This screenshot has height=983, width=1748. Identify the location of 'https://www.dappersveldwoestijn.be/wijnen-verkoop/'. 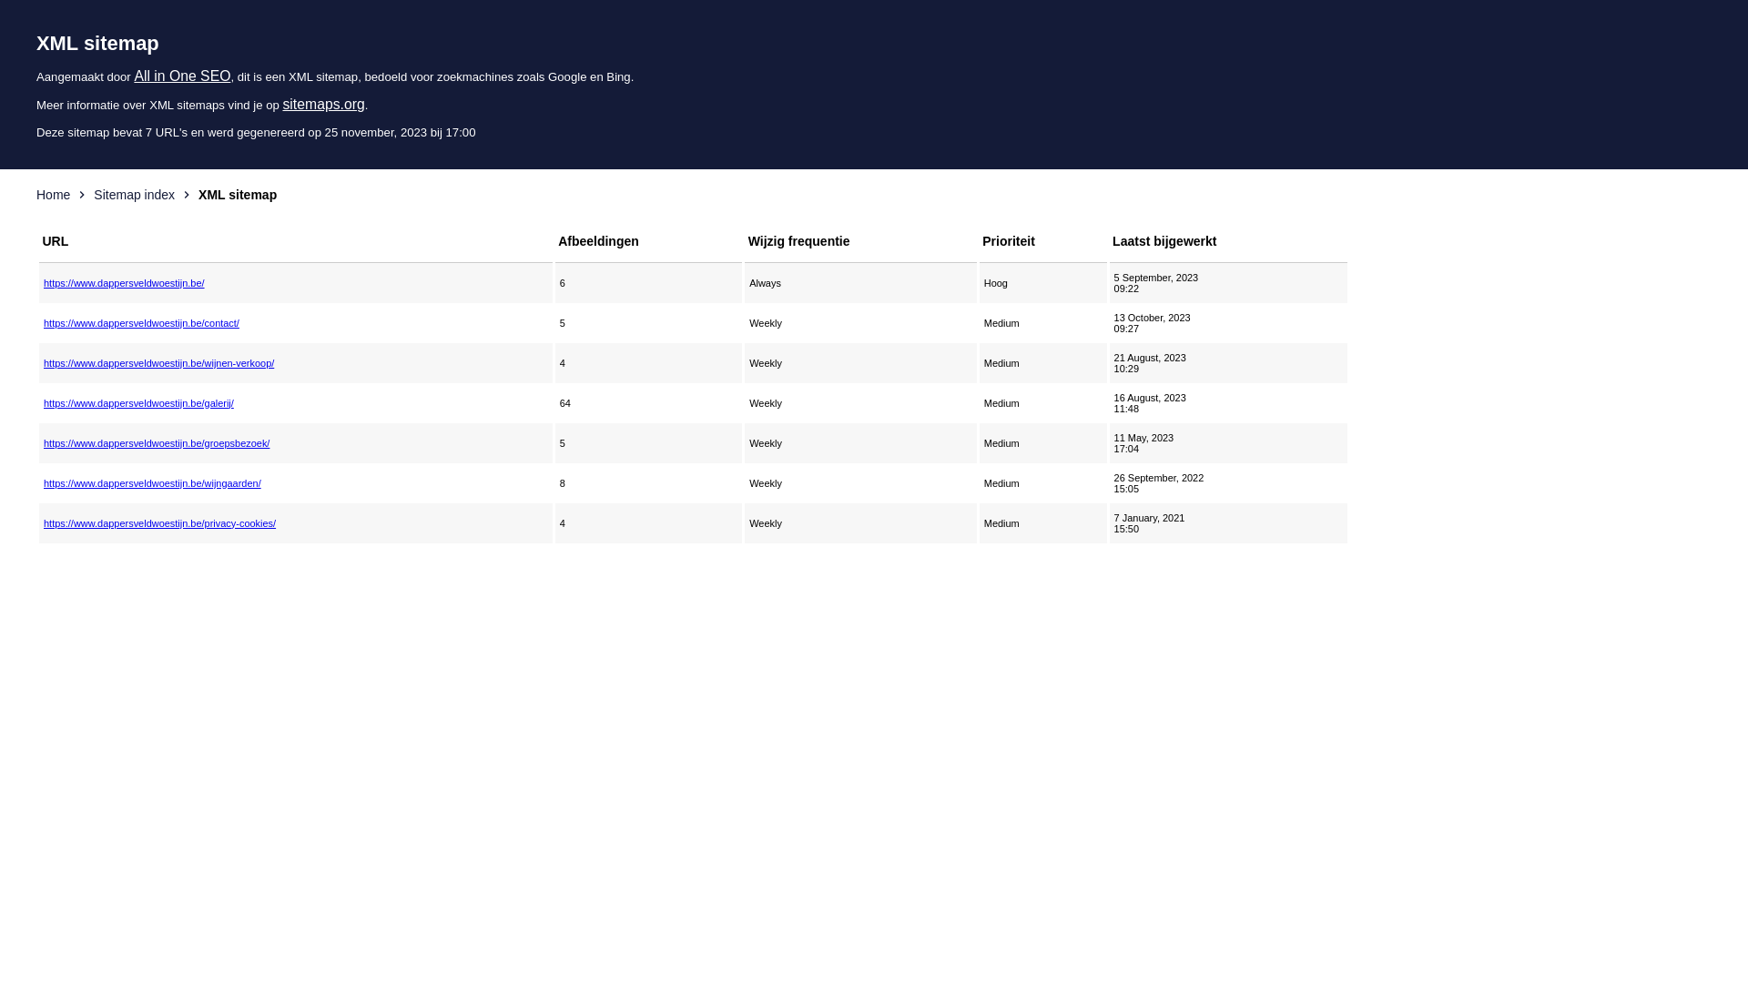
(296, 362).